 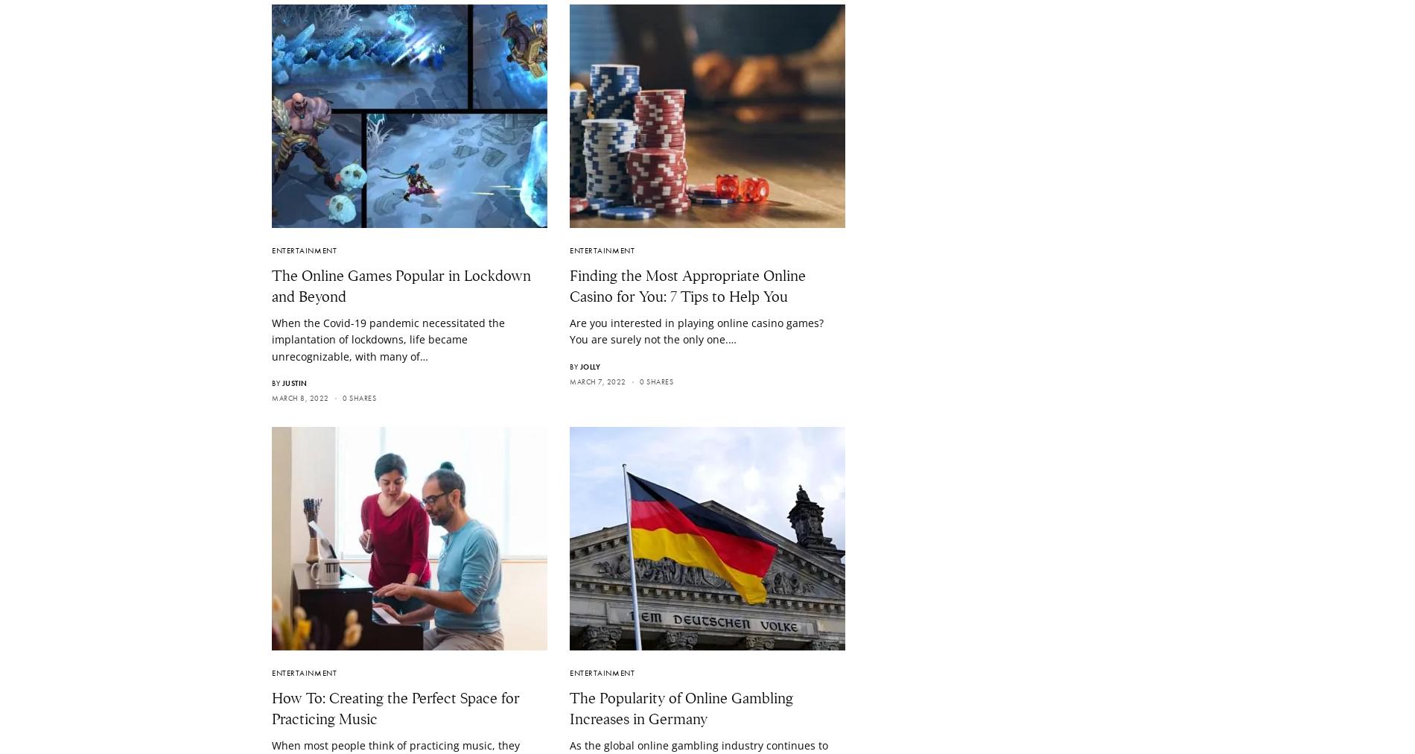 I want to click on 'Jolly', so click(x=579, y=366).